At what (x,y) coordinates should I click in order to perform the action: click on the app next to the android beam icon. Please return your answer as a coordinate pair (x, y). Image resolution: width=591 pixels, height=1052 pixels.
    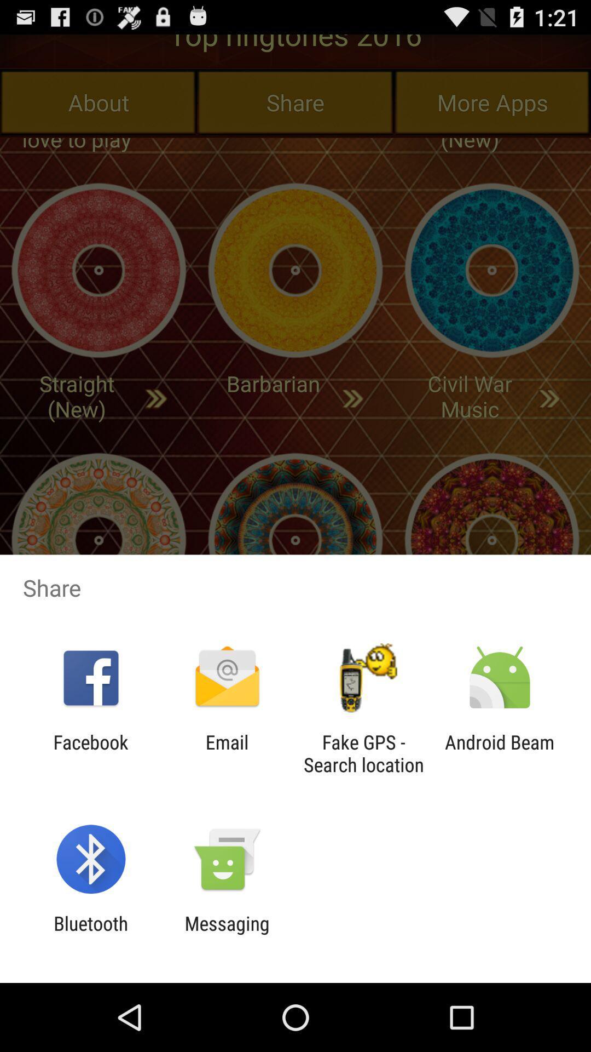
    Looking at the image, I should click on (363, 753).